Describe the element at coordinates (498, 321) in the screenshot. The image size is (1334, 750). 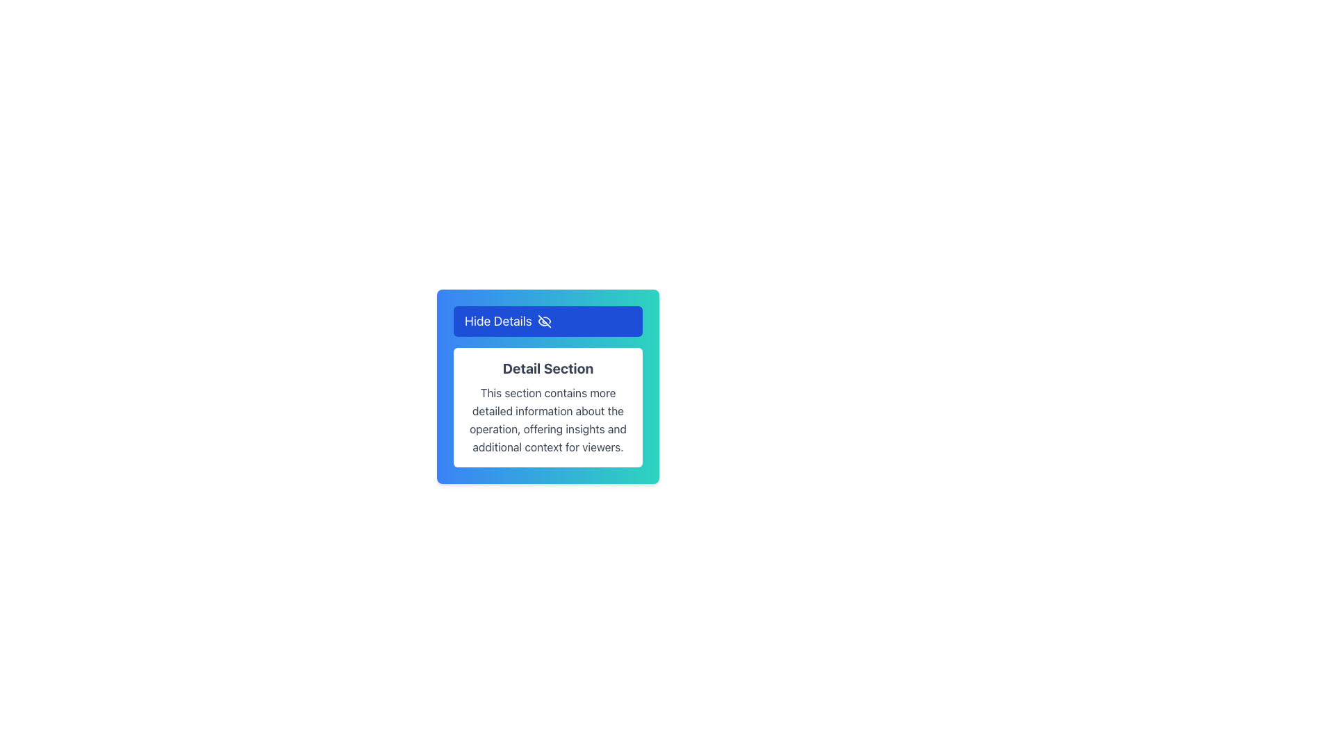
I see `the text label within the button that indicates the action to hide additional information` at that location.